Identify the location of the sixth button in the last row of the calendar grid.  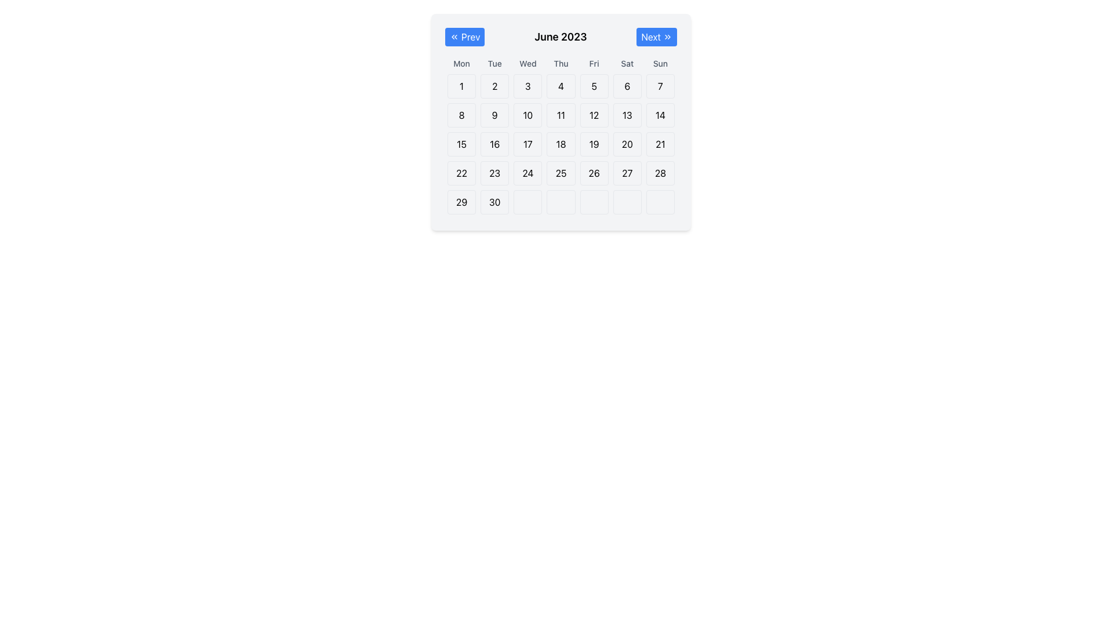
(627, 201).